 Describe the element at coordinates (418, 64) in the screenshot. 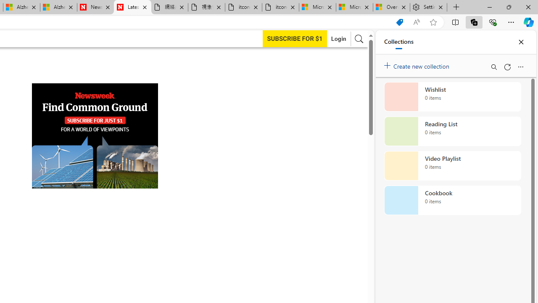

I see `'Create new collection'` at that location.